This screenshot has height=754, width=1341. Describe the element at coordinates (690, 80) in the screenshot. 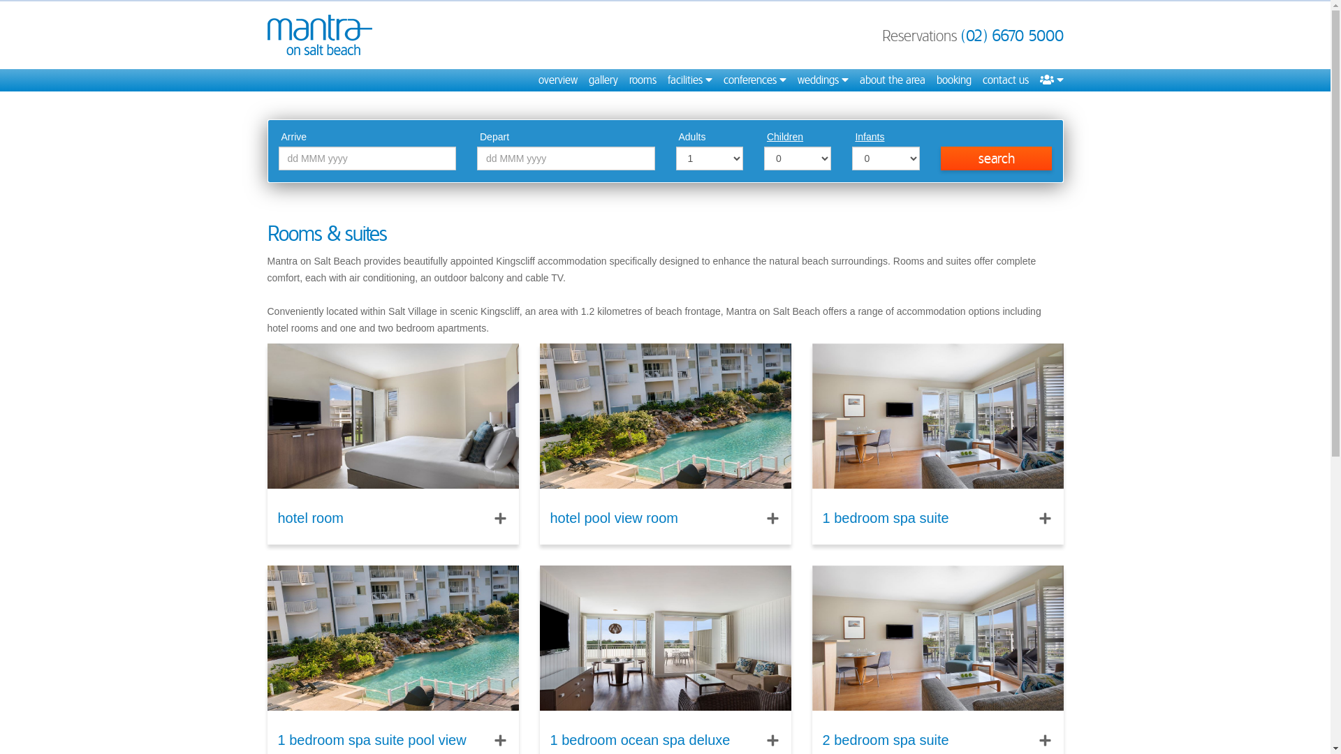

I see `'facilities'` at that location.